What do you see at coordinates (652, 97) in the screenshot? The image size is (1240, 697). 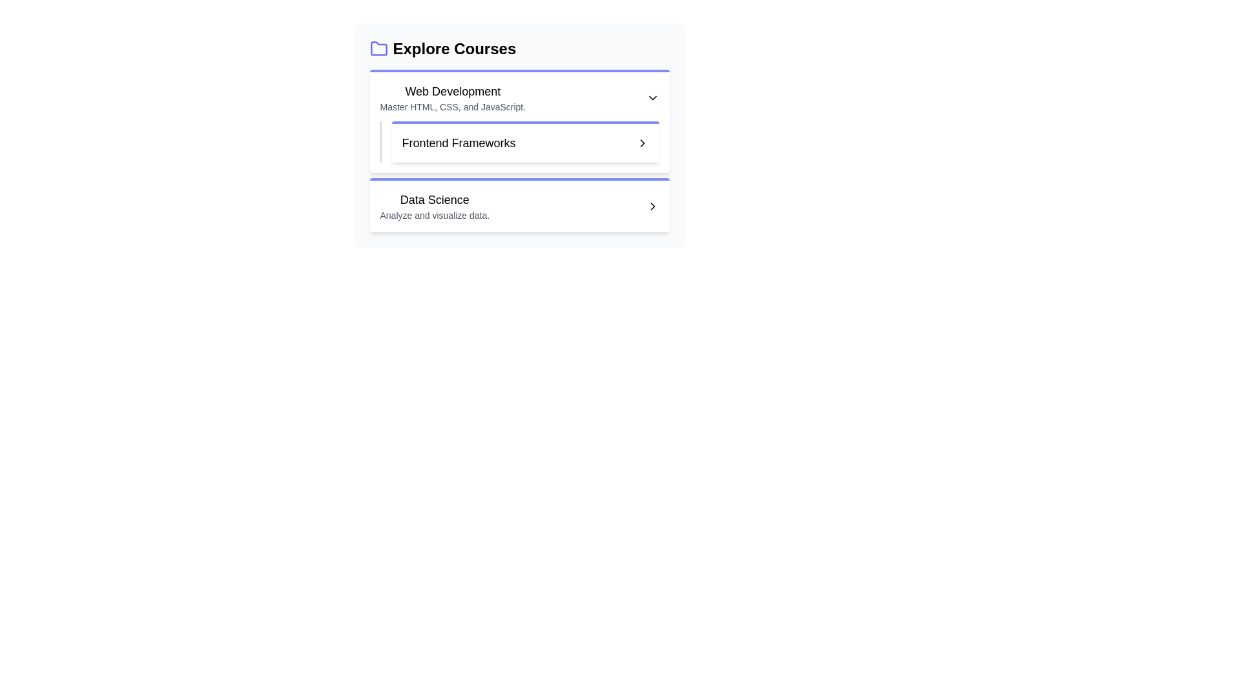 I see `the chevron-down icon located` at bounding box center [652, 97].